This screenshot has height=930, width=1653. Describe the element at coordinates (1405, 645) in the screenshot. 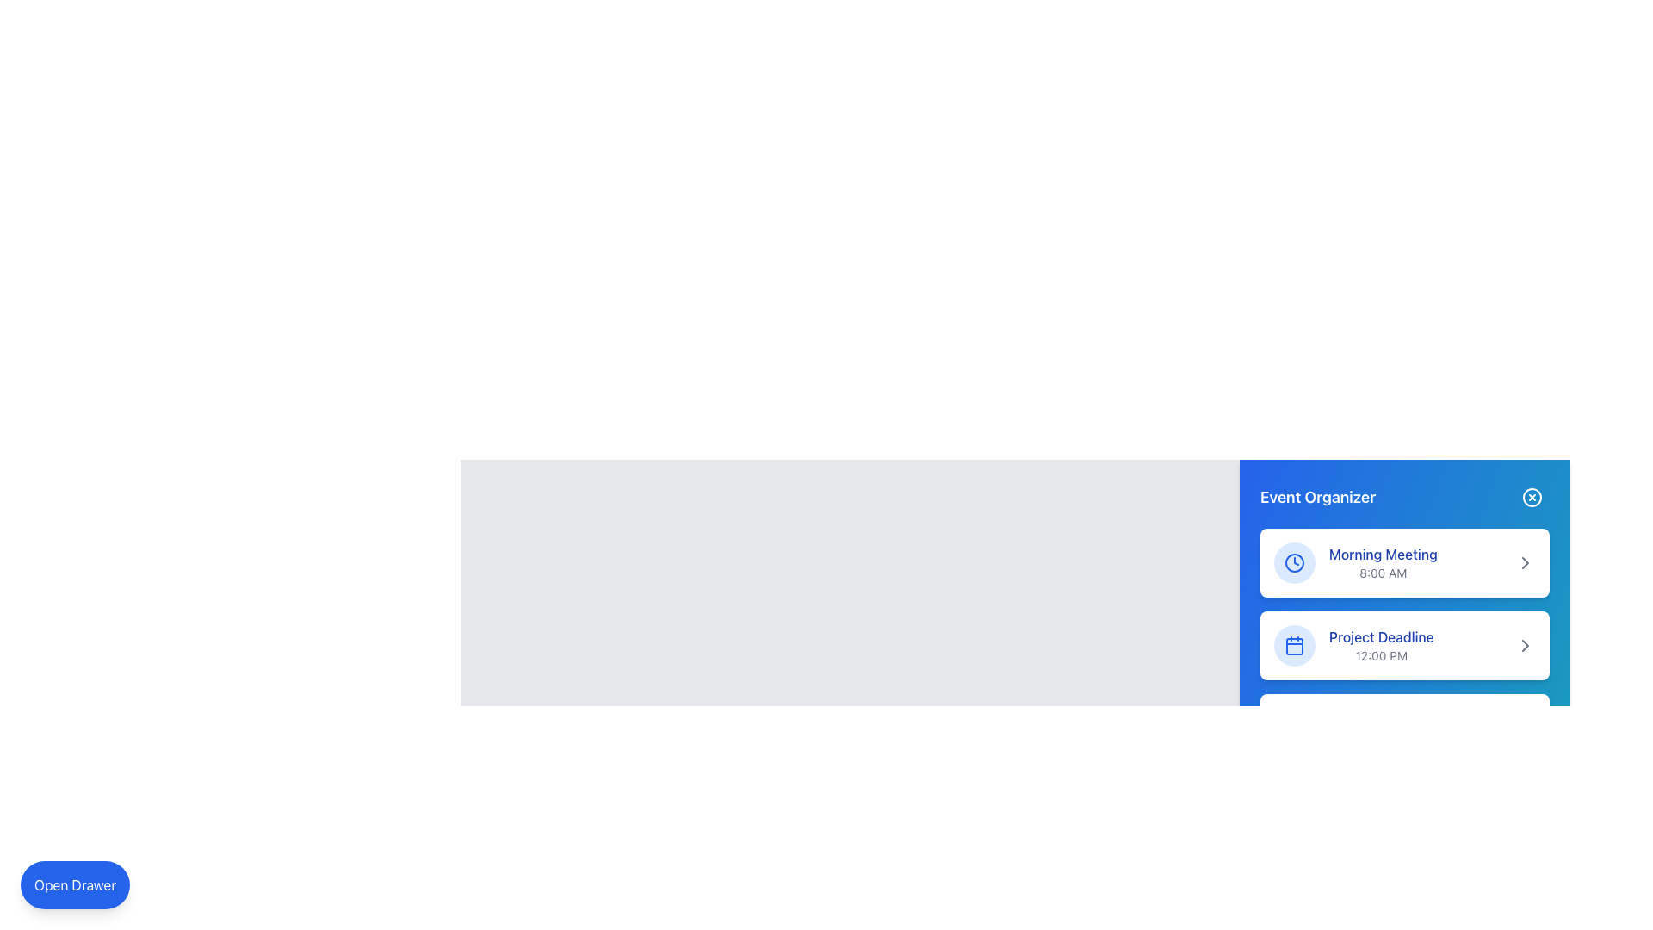

I see `the second Information Card in the blue 'Event Organizer' drawer` at that location.